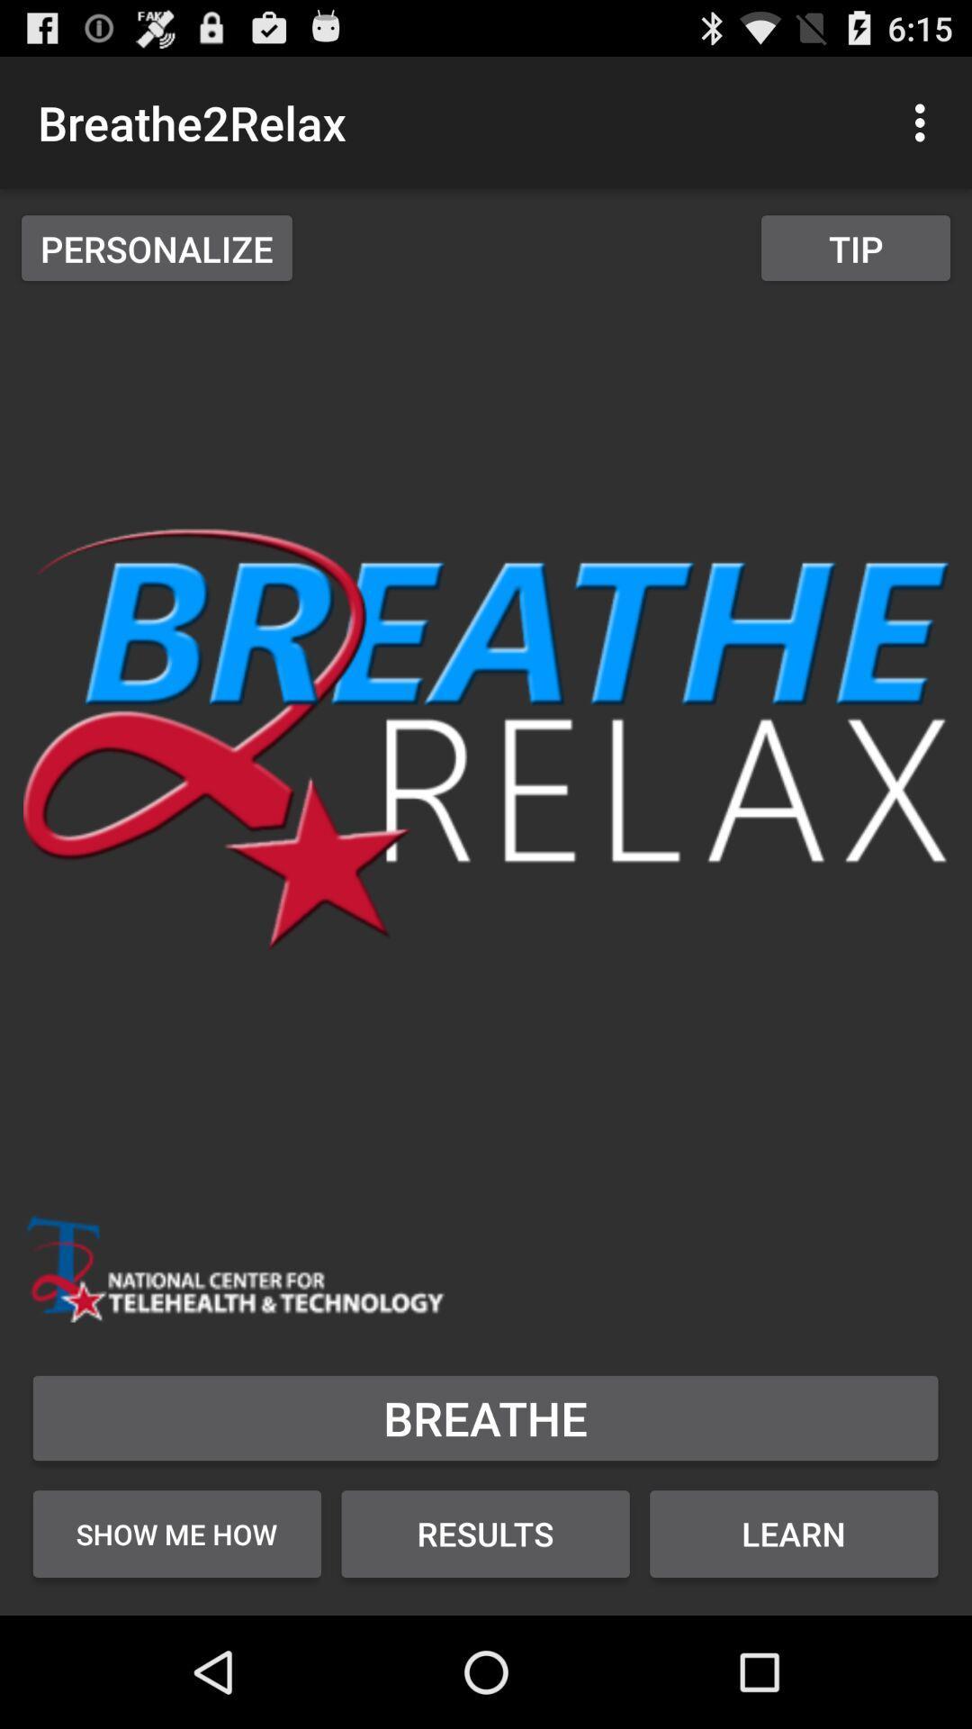  Describe the element at coordinates (793, 1533) in the screenshot. I see `the button below the breathe` at that location.